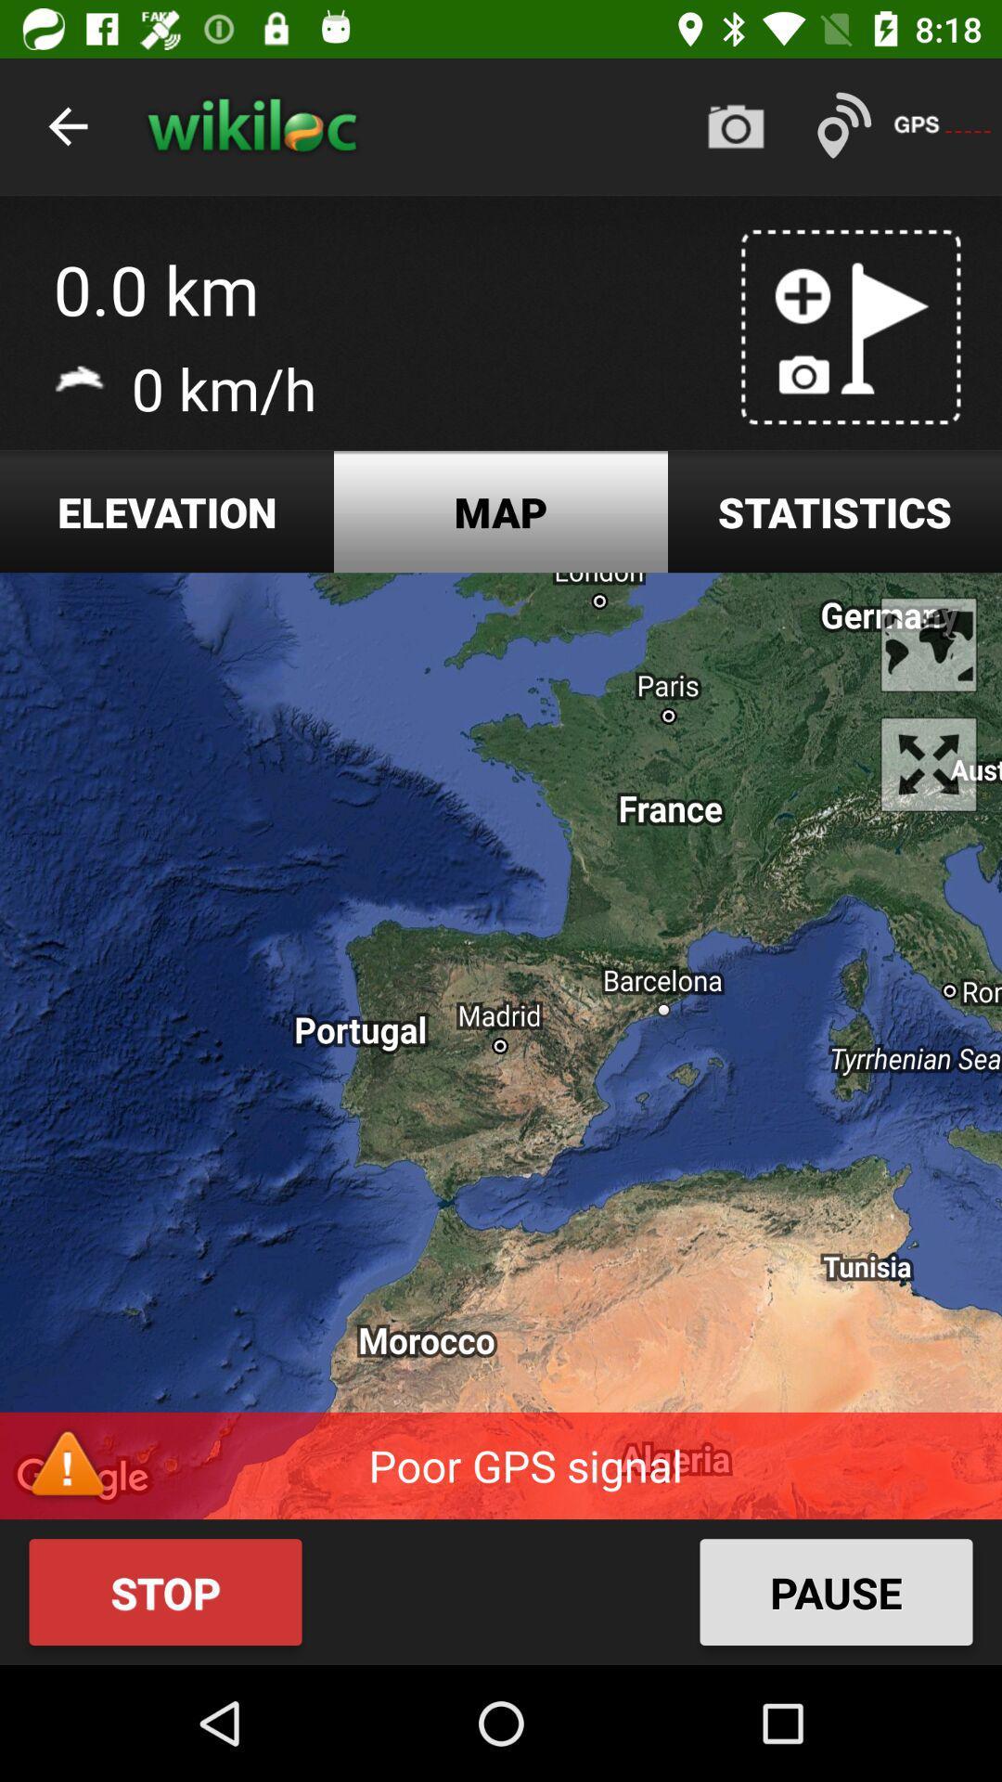  Describe the element at coordinates (167, 511) in the screenshot. I see `the elevation item` at that location.